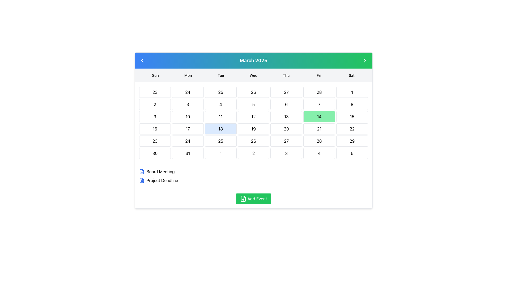 Image resolution: width=510 pixels, height=287 pixels. Describe the element at coordinates (253, 75) in the screenshot. I see `text 'Wed' from the Label row in the calendar interface, which displays the days of the week abbreviations located beneath the month header 'March 2025'` at that location.